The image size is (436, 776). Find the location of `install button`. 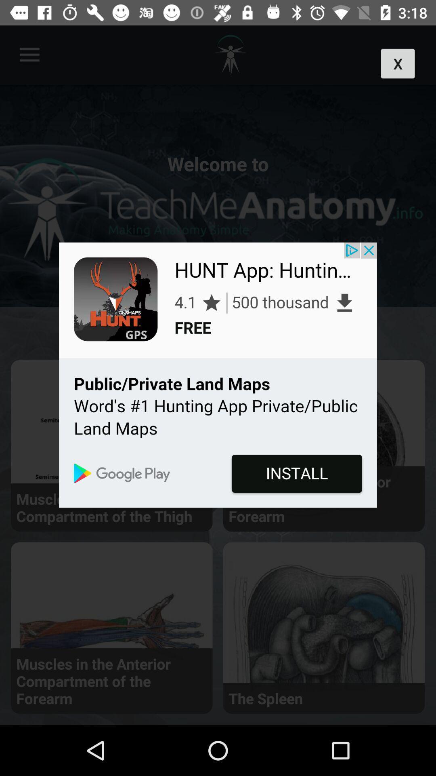

install button is located at coordinates (218, 375).